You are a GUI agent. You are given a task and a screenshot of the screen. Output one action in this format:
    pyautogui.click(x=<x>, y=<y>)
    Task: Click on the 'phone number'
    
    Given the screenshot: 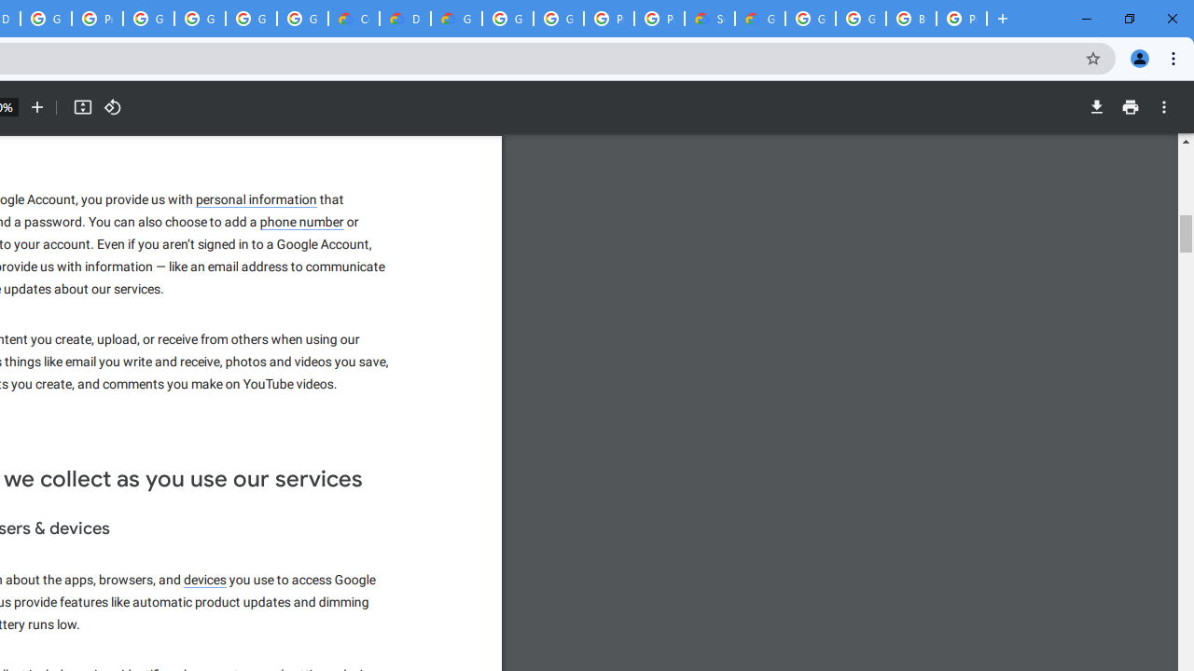 What is the action you would take?
    pyautogui.click(x=302, y=221)
    